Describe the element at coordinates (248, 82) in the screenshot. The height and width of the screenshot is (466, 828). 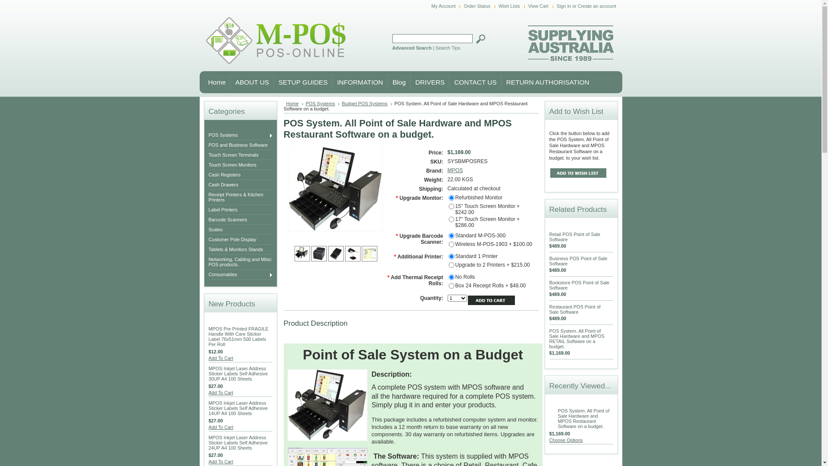
I see `'ABOUT US'` at that location.